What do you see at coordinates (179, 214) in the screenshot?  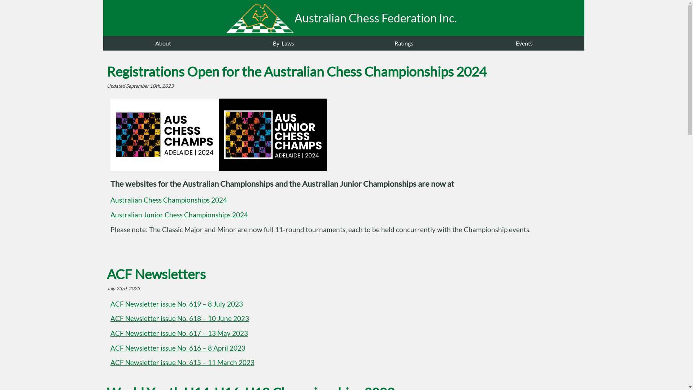 I see `'Australian Junior Chess Championships 2024'` at bounding box center [179, 214].